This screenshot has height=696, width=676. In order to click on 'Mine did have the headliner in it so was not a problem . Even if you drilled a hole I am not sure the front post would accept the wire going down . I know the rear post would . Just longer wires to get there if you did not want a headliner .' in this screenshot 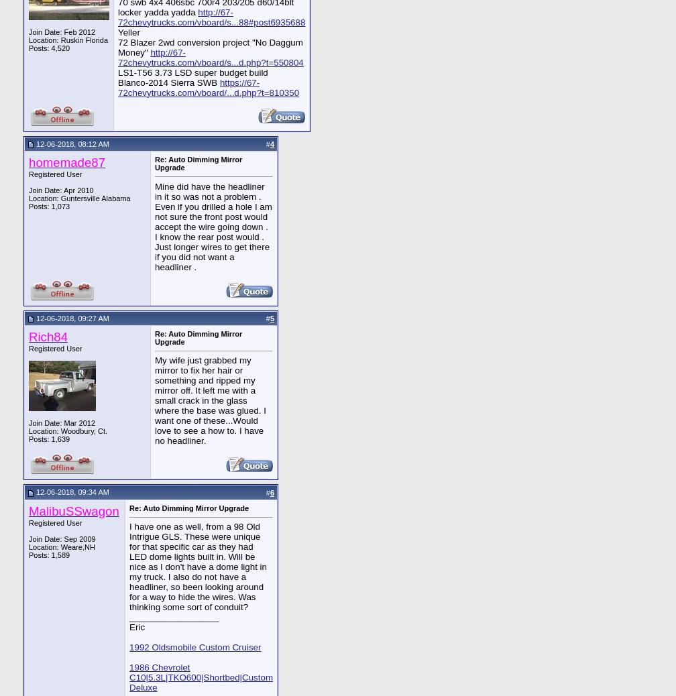, I will do `click(213, 226)`.